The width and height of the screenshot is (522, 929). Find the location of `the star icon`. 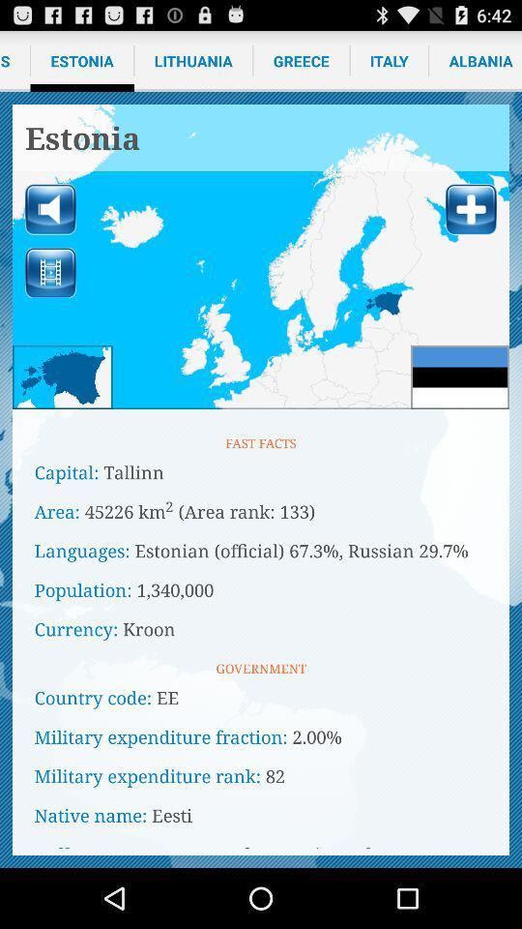

the star icon is located at coordinates (62, 403).